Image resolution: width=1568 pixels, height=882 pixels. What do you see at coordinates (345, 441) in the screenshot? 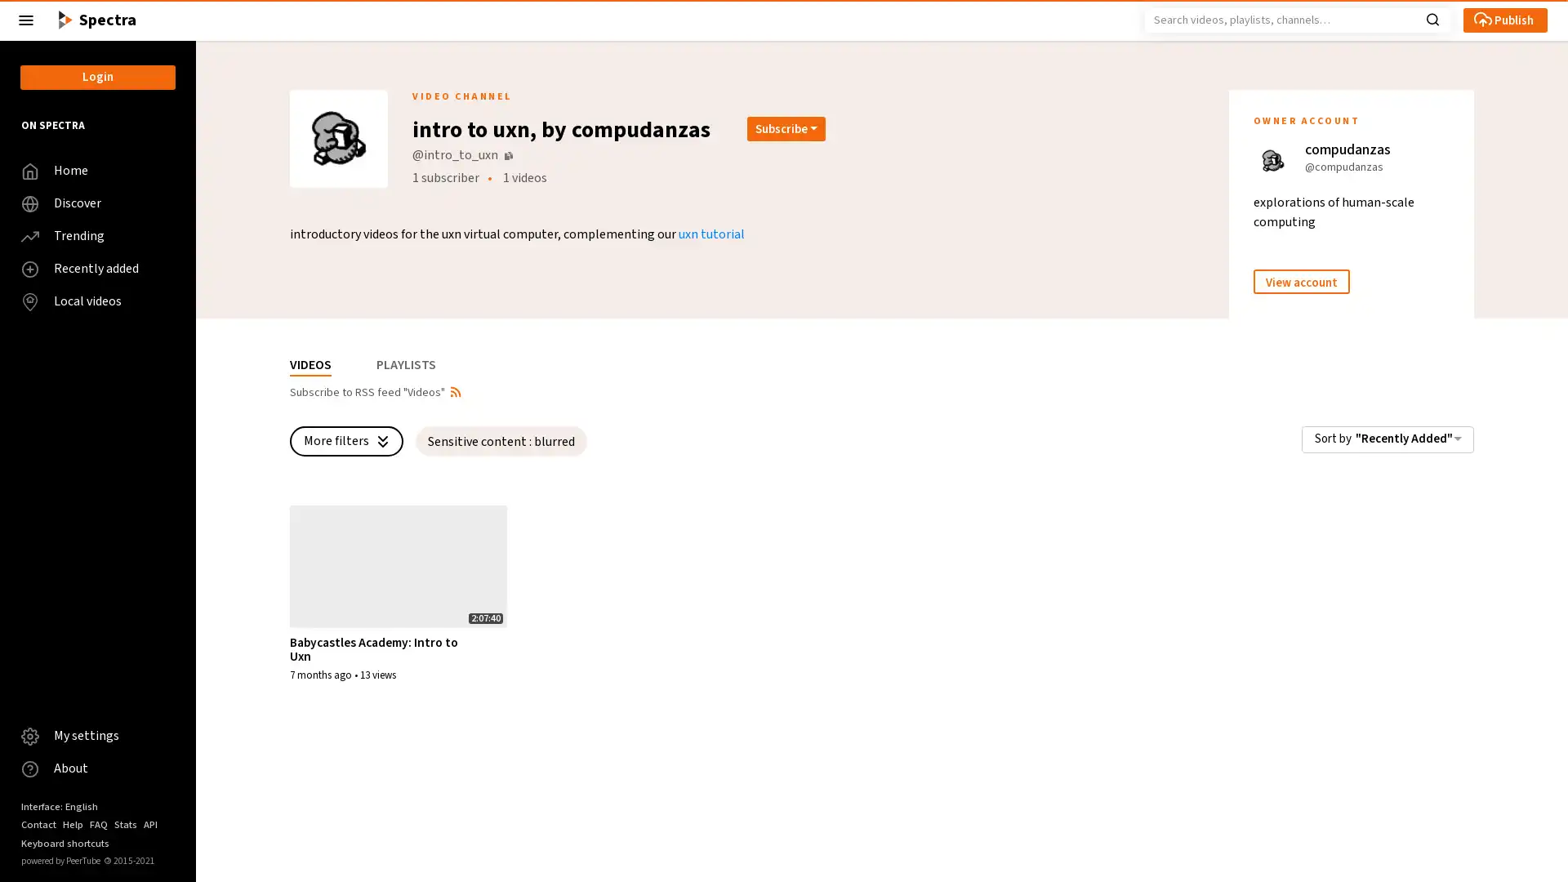
I see `More filters` at bounding box center [345, 441].